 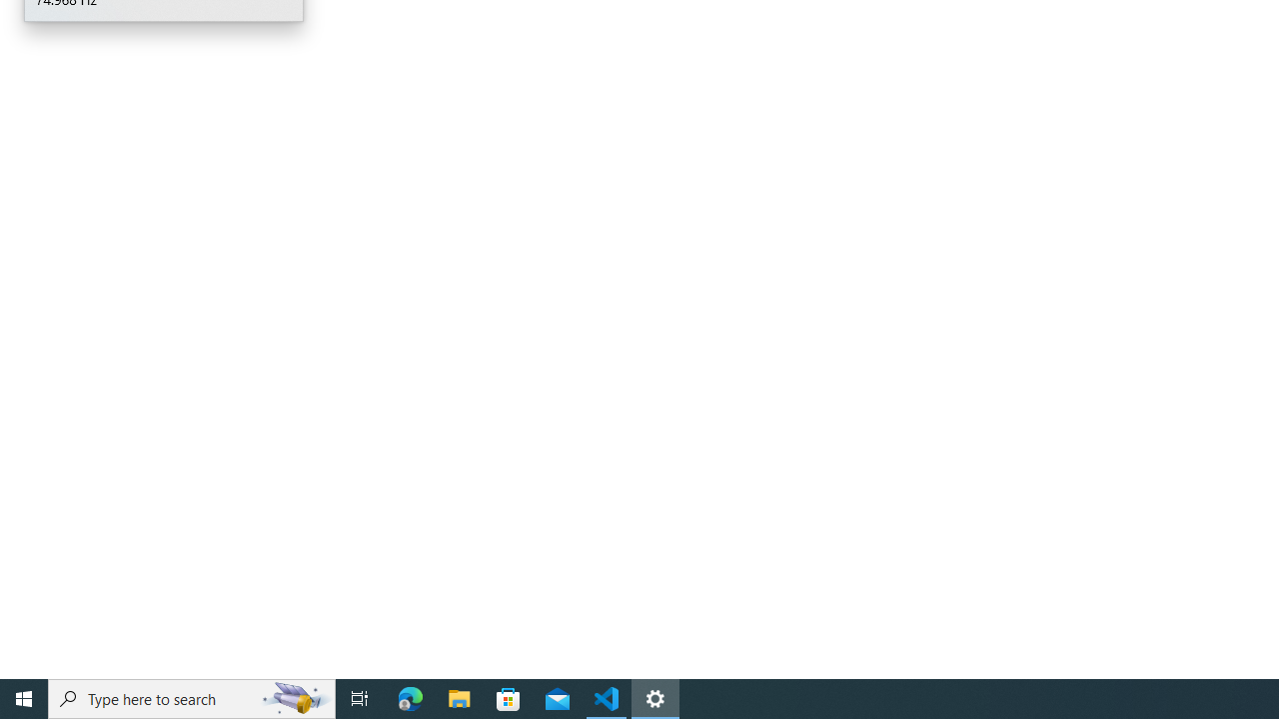 I want to click on 'Task View', so click(x=359, y=697).